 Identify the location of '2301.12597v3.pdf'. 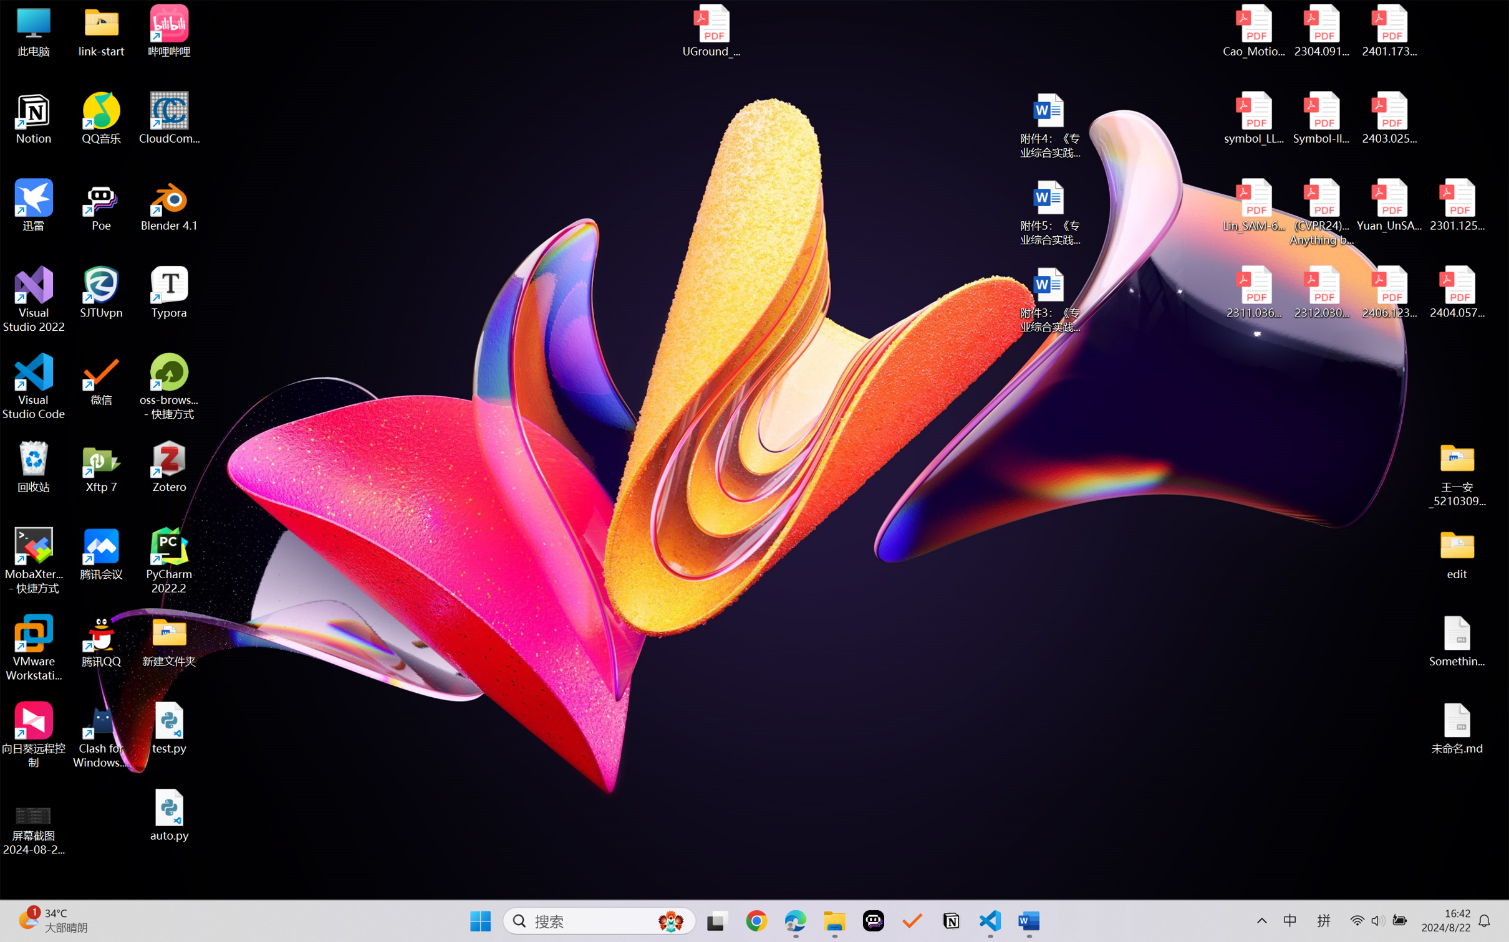
(1456, 204).